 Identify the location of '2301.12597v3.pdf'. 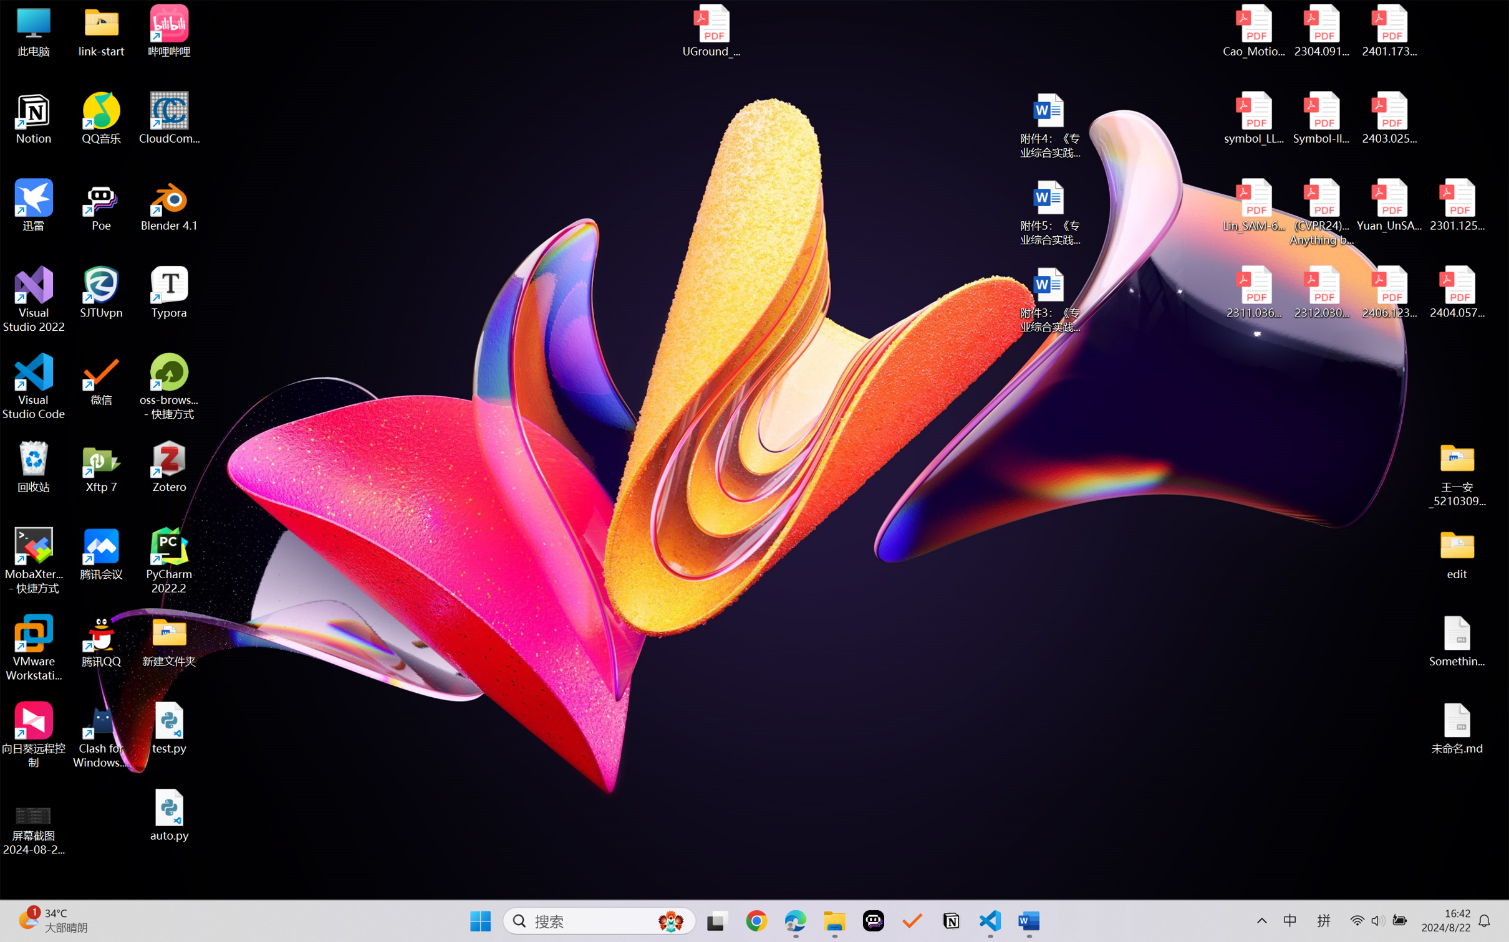
(1456, 204).